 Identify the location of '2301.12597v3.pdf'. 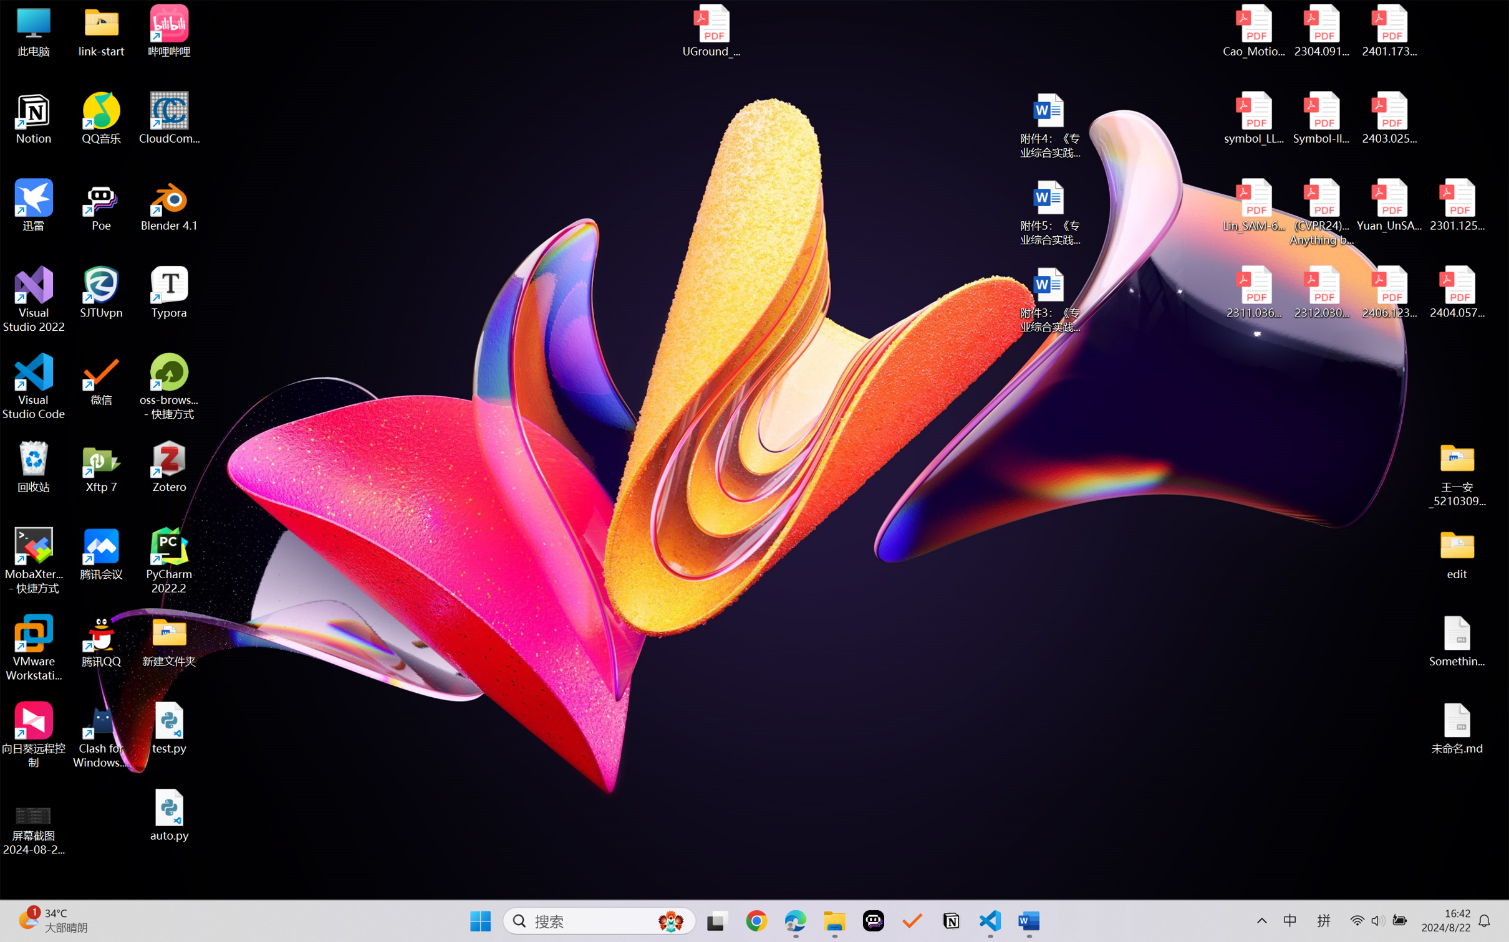
(1456, 204).